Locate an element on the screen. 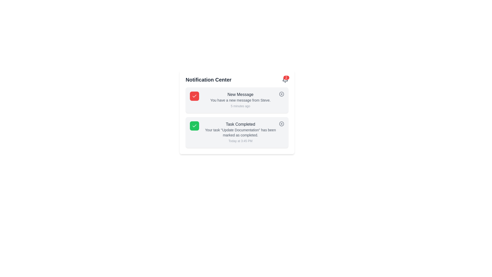 This screenshot has height=277, width=492. the Text label that serves as a title for the Notification Center section, located at the top-left of the notification section, next to the notification count and icon is located at coordinates (208, 80).